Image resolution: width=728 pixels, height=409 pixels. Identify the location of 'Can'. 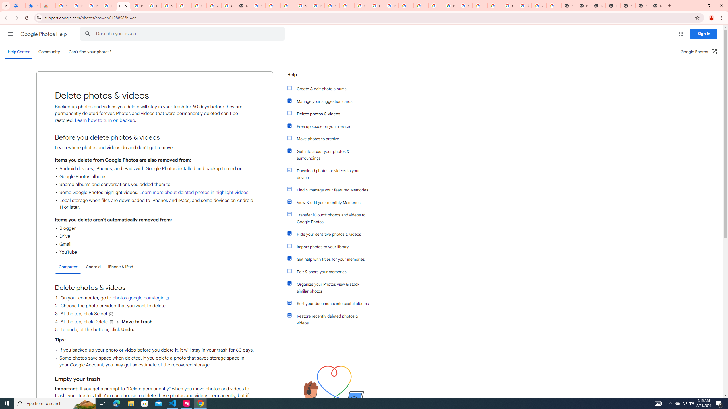
(90, 51).